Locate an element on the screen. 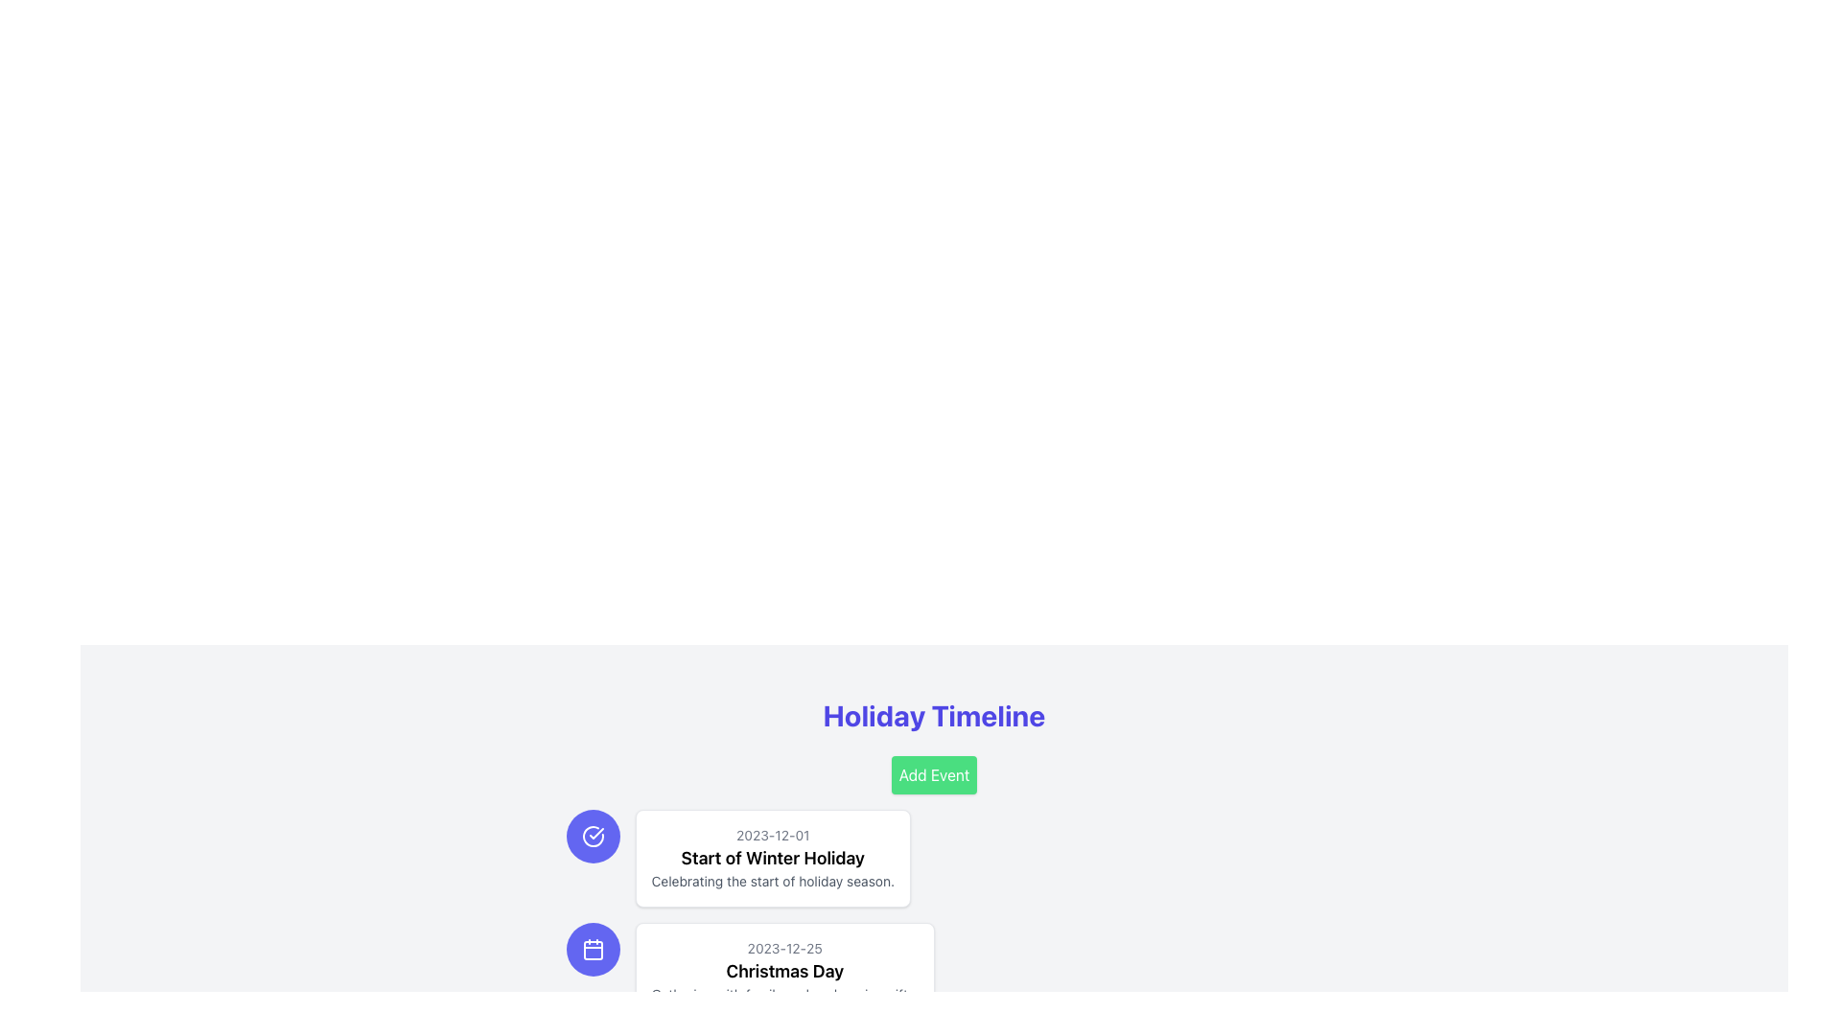 The height and width of the screenshot is (1035, 1841). the 'Add Event' button with a light green background and white text, located below the 'Holiday Timeline' heading to initiate adding an event is located at coordinates (934, 774).